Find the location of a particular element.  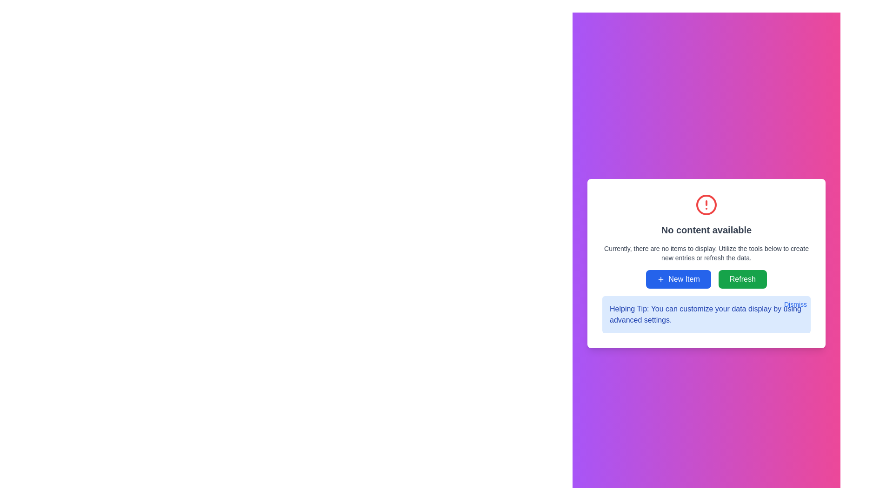

the New Item button in the Horizontal Button Group located on the centered white card, positioned just above the helping tip section is located at coordinates (706, 279).